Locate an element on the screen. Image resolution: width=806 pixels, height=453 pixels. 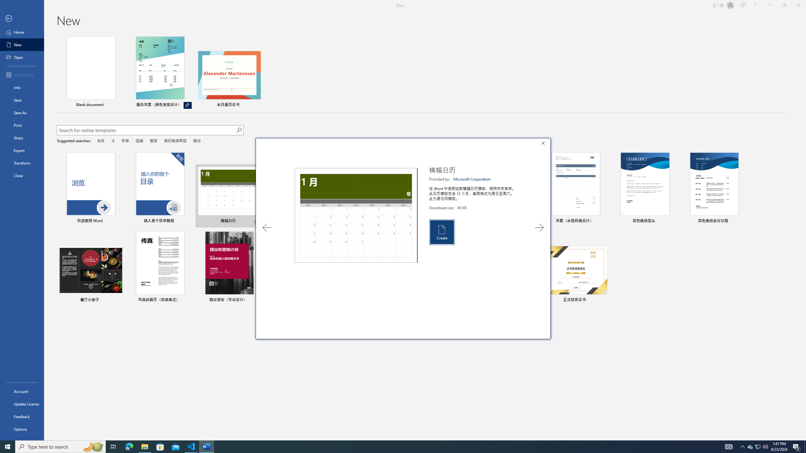
'Action Center, 2 new notifications' is located at coordinates (797, 446).